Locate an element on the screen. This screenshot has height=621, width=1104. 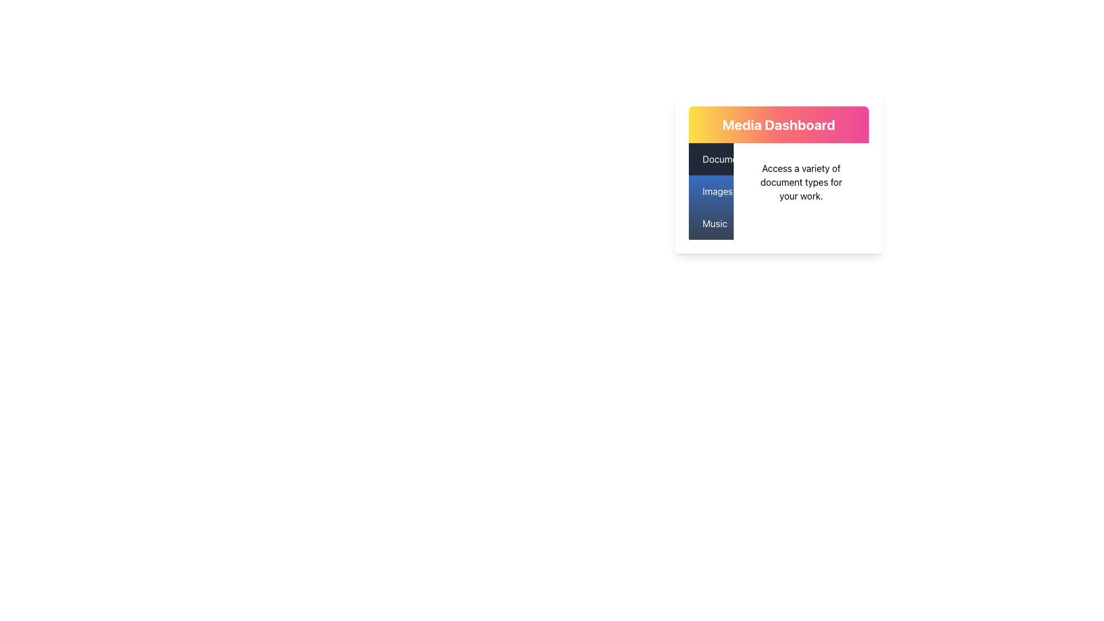
the 'Documents' button, which is a rectangular dark gray button with white text and a file icon, located at the top of the vertical list in the Media Dashboard is located at coordinates (711, 159).